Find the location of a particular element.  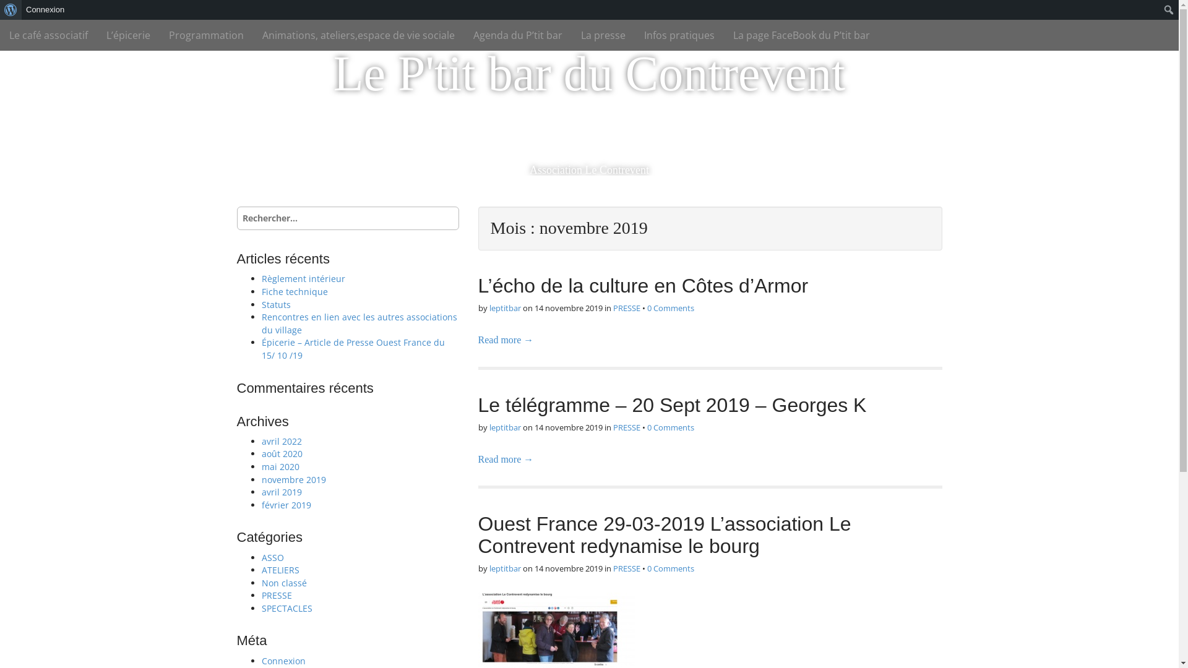

'Infos pratiques' is located at coordinates (679, 35).